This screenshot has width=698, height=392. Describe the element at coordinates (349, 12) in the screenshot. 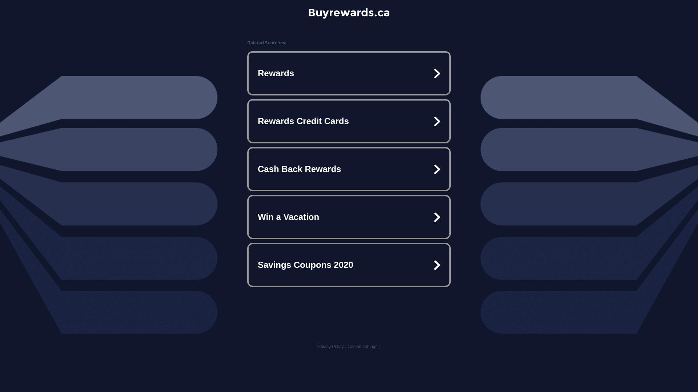

I see `'Buyrewards.ca'` at that location.